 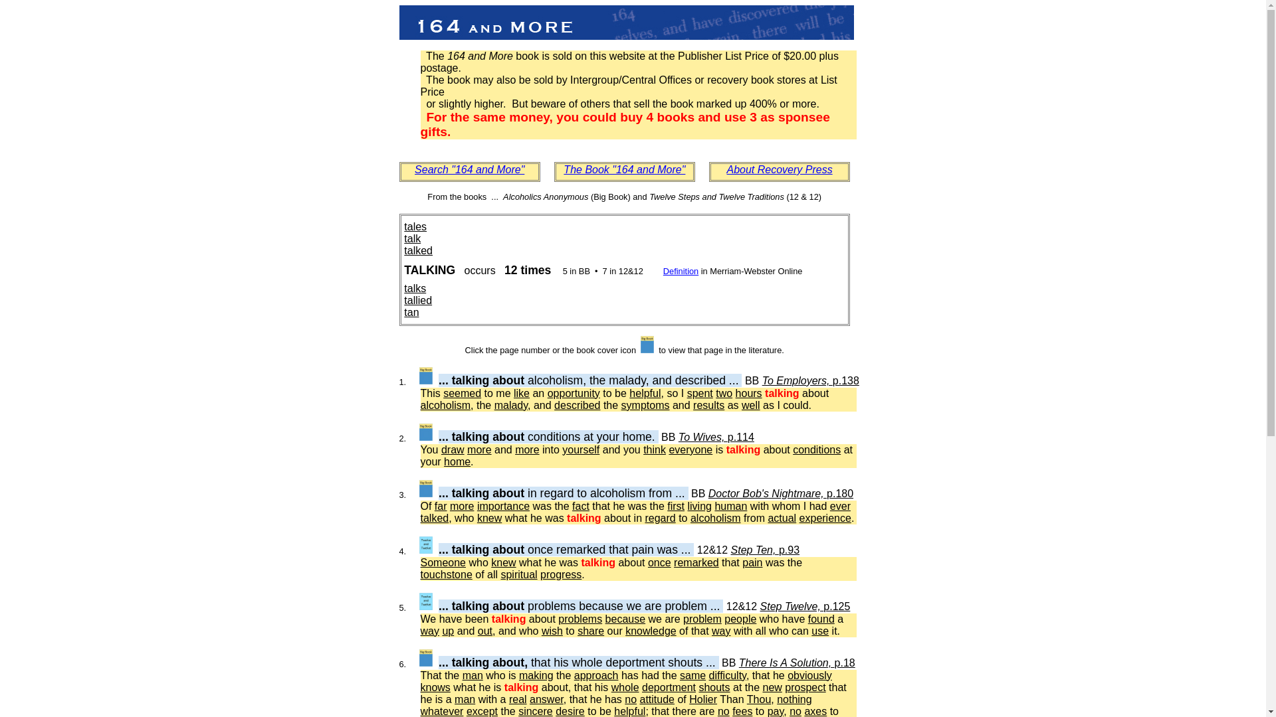 I want to click on 'obviously', so click(x=788, y=675).